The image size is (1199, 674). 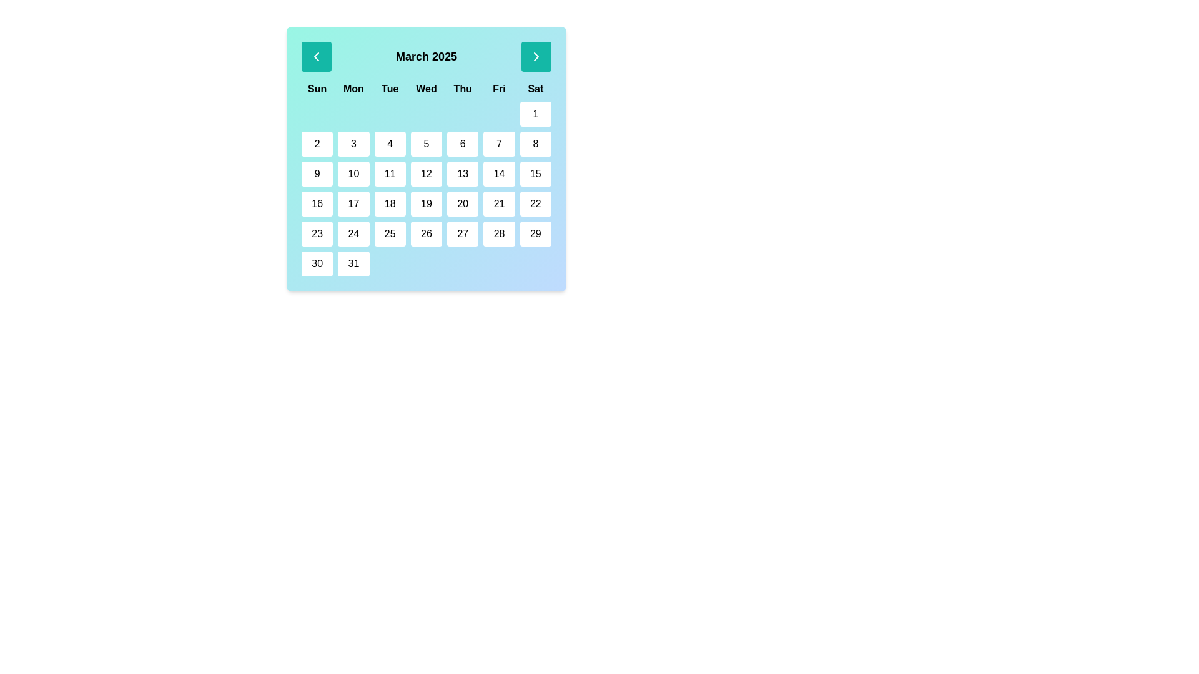 I want to click on the button representing the 14th day of the month in the calendar grid, located in the third row and sixth column, so click(x=498, y=173).